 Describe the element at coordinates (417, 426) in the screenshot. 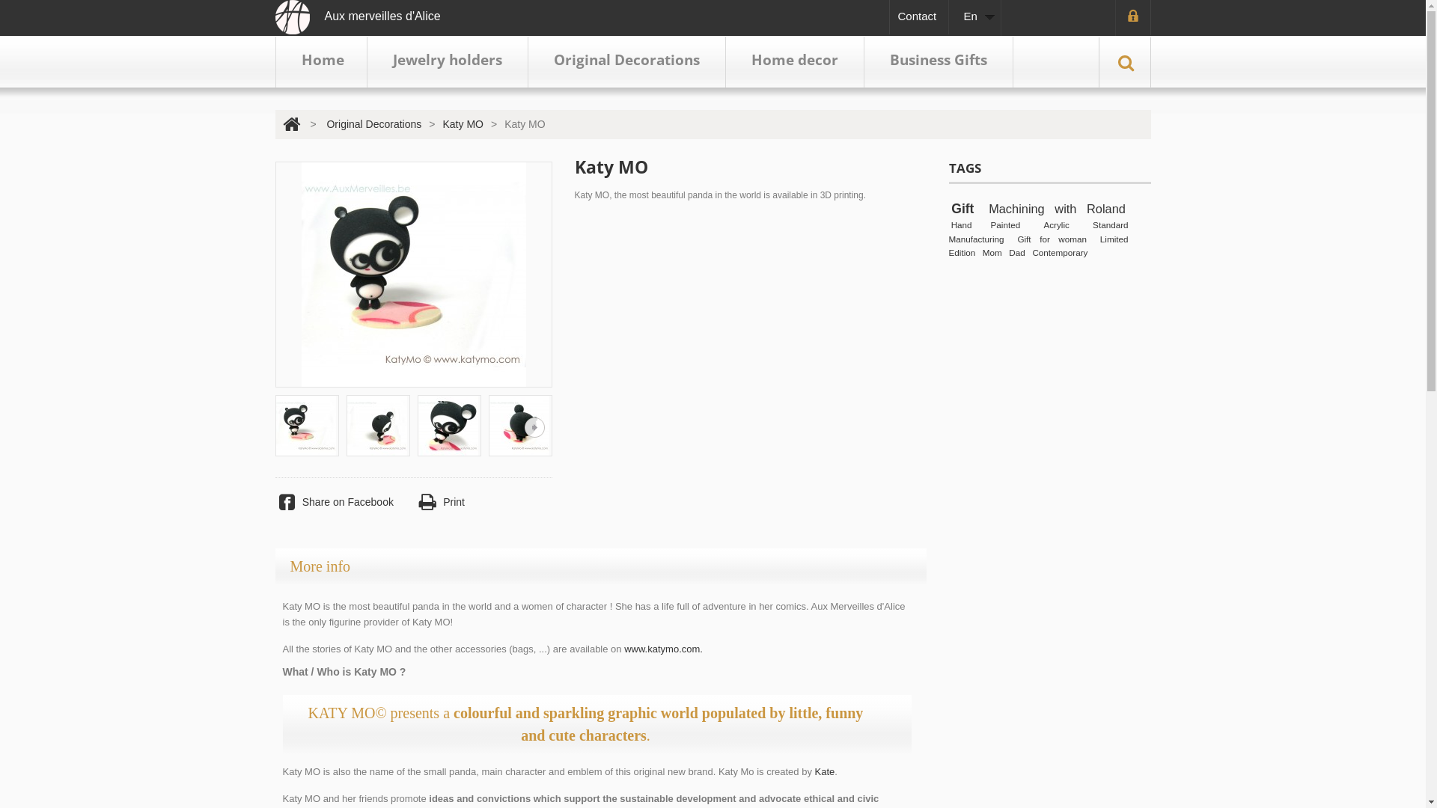

I see `'Katy MO: Katy MO / Original Decorations'` at that location.